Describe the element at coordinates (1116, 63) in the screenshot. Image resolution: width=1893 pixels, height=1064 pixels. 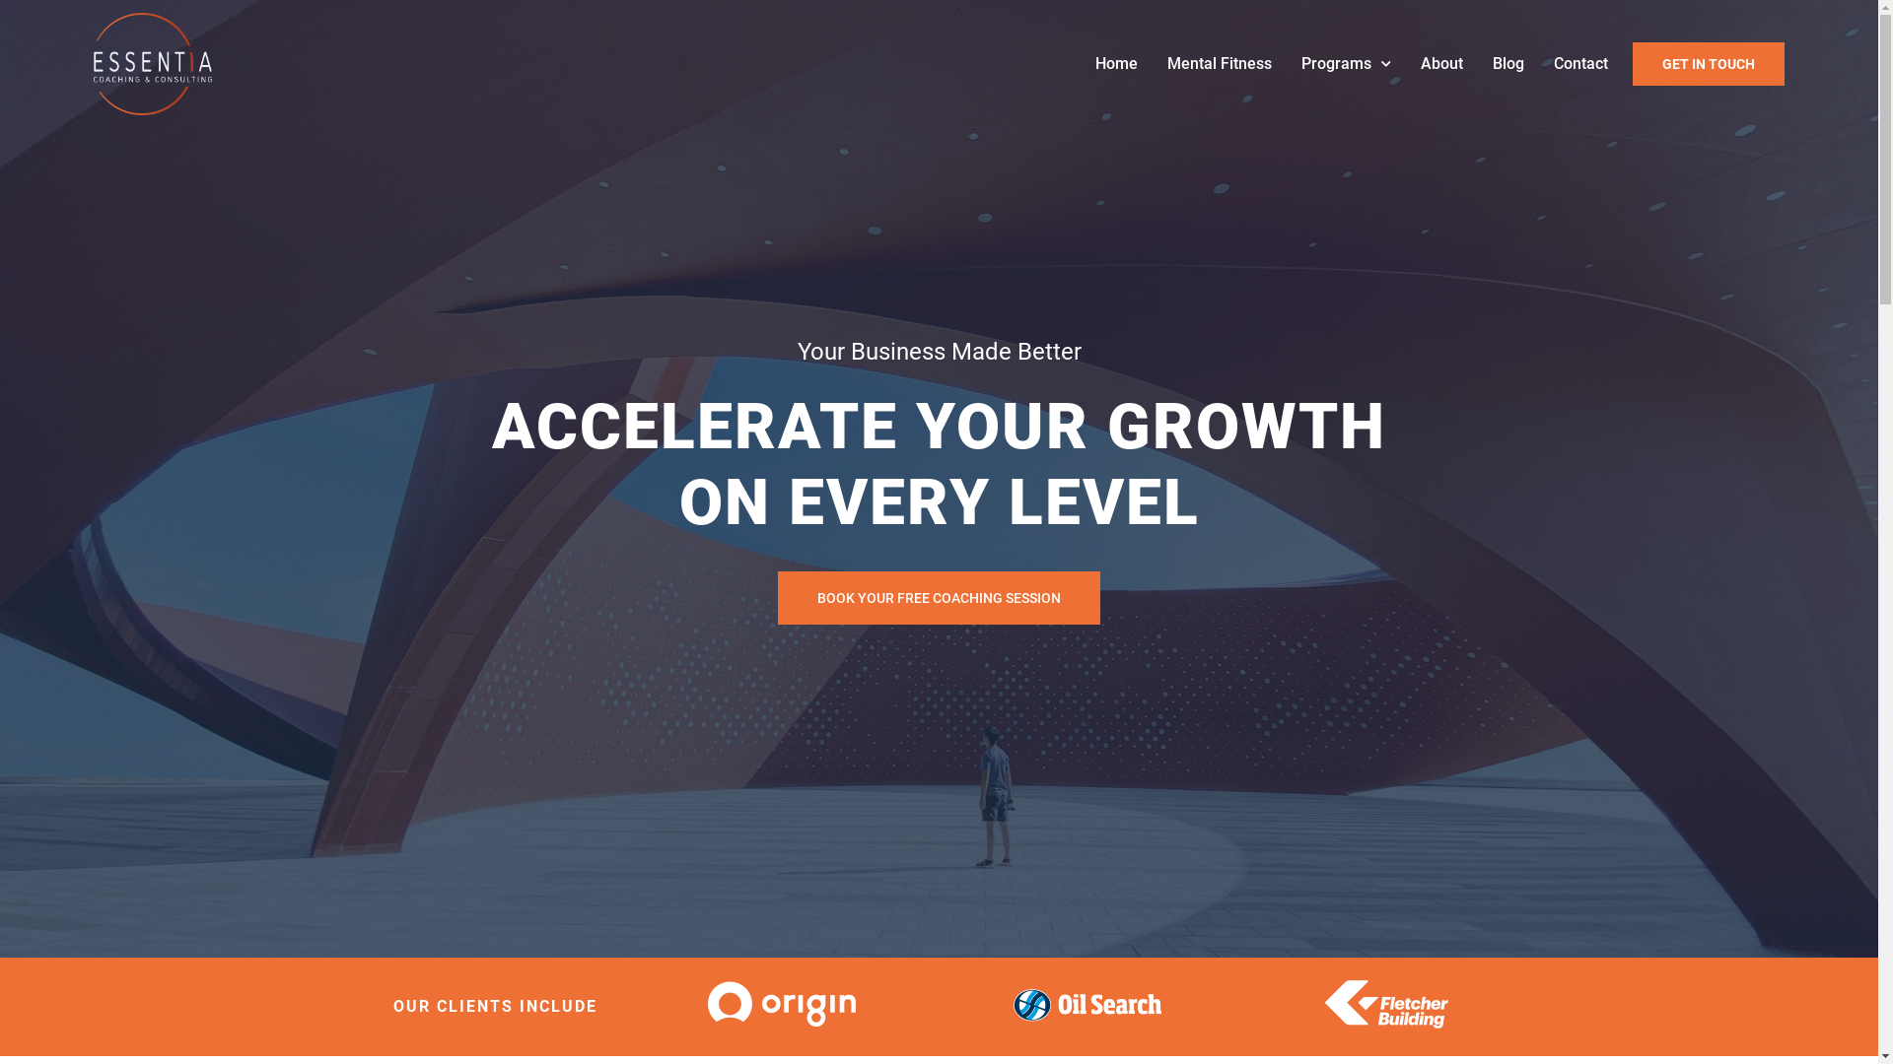
I see `'Home'` at that location.